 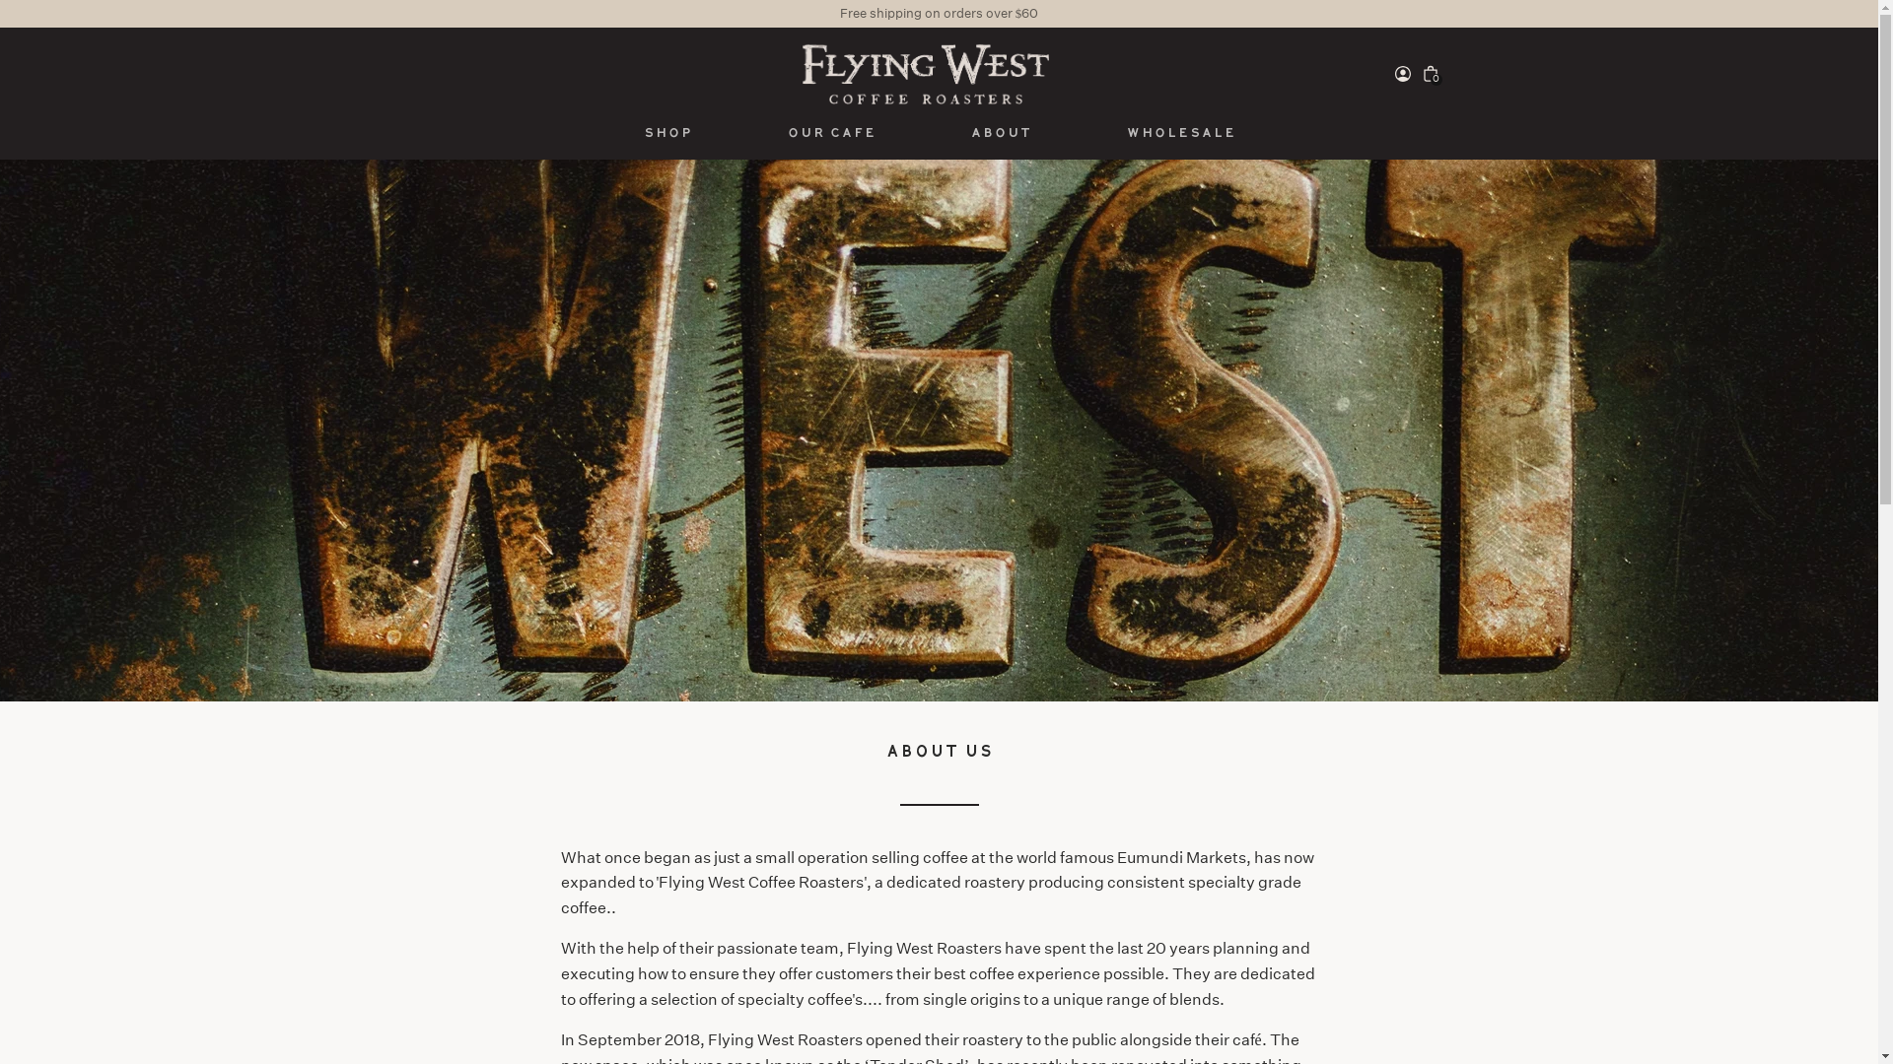 I want to click on '0', so click(x=1429, y=72).